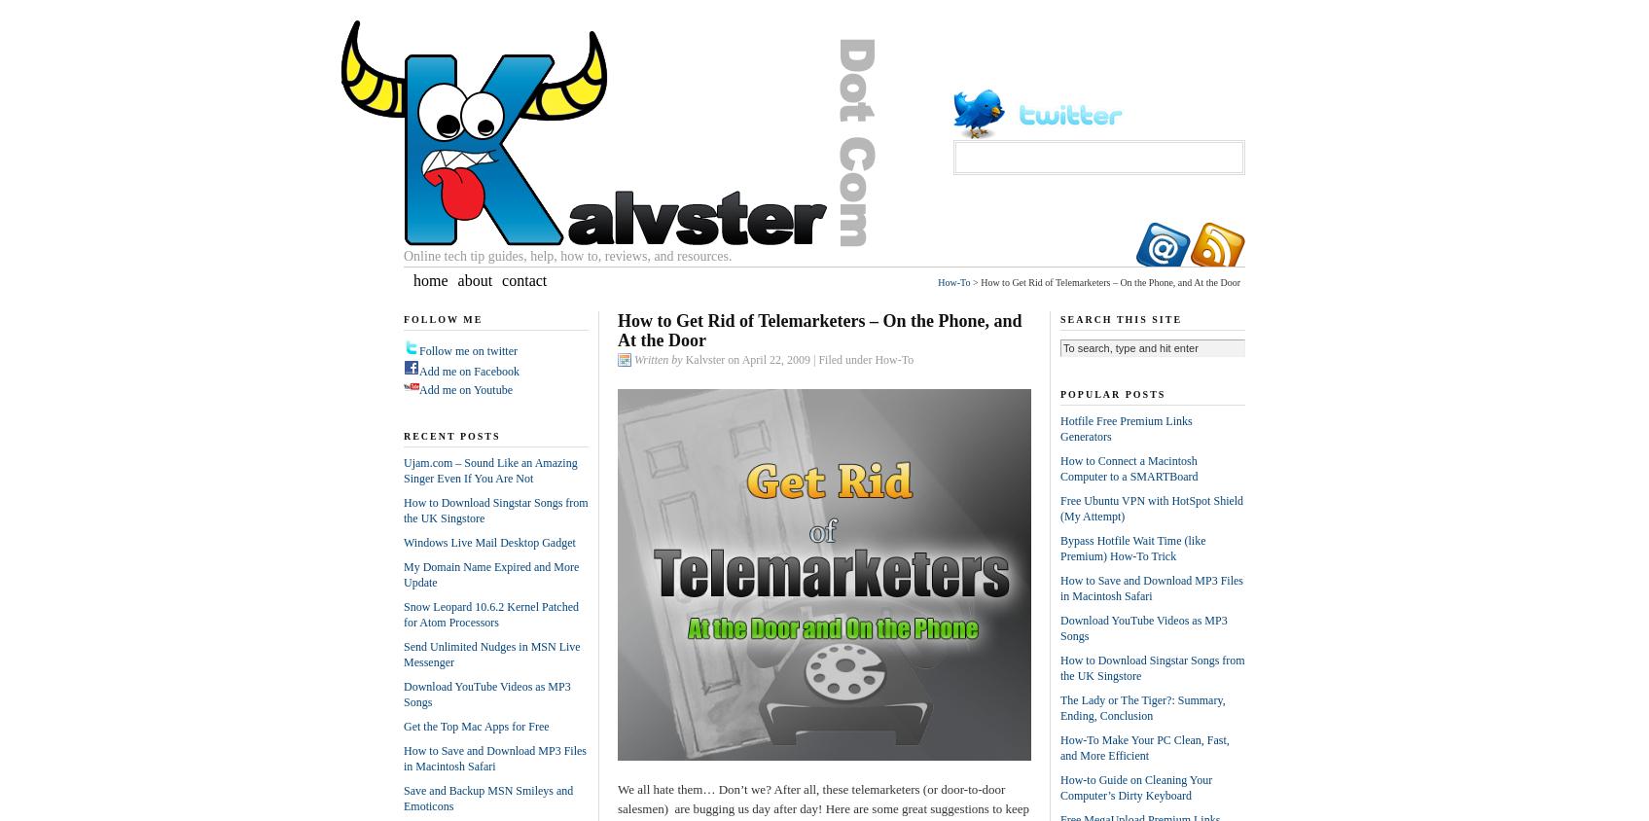  What do you see at coordinates (746, 358) in the screenshot?
I see `'Kalvster on April 22, 2009'` at bounding box center [746, 358].